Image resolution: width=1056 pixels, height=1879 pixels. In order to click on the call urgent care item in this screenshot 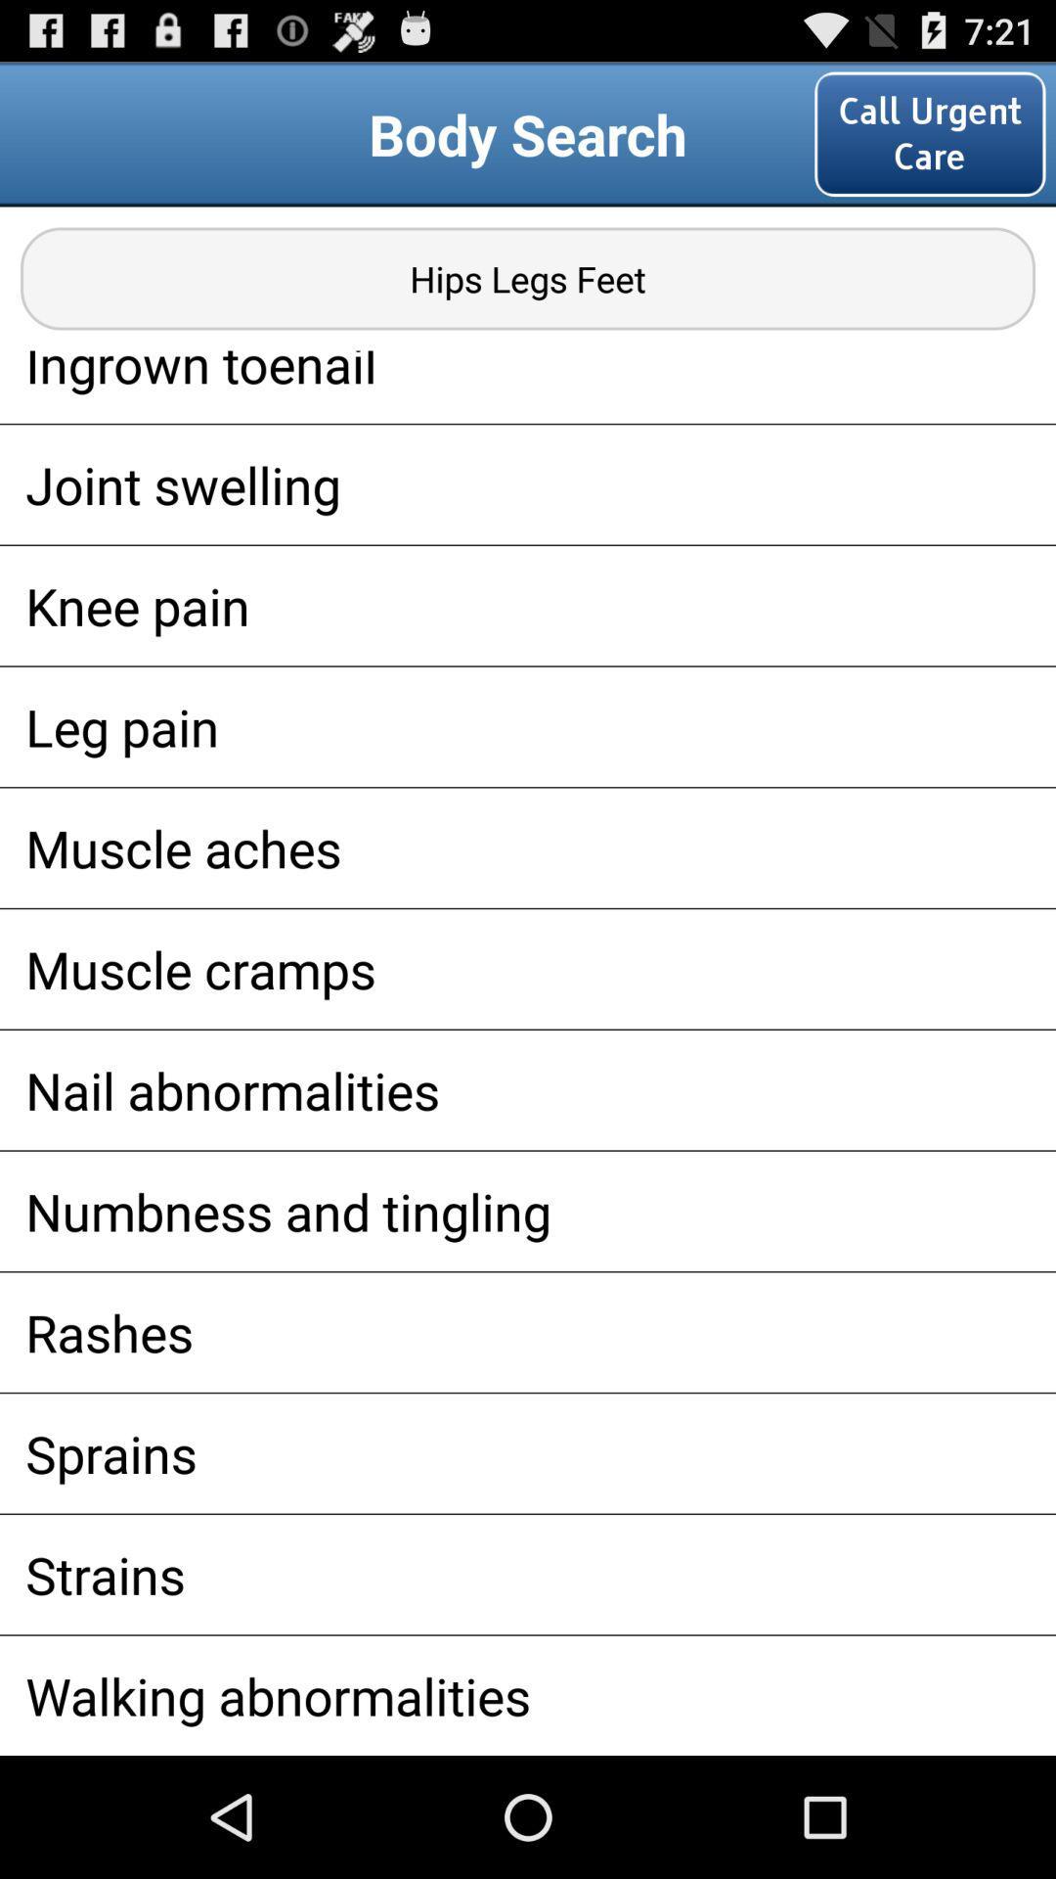, I will do `click(929, 133)`.